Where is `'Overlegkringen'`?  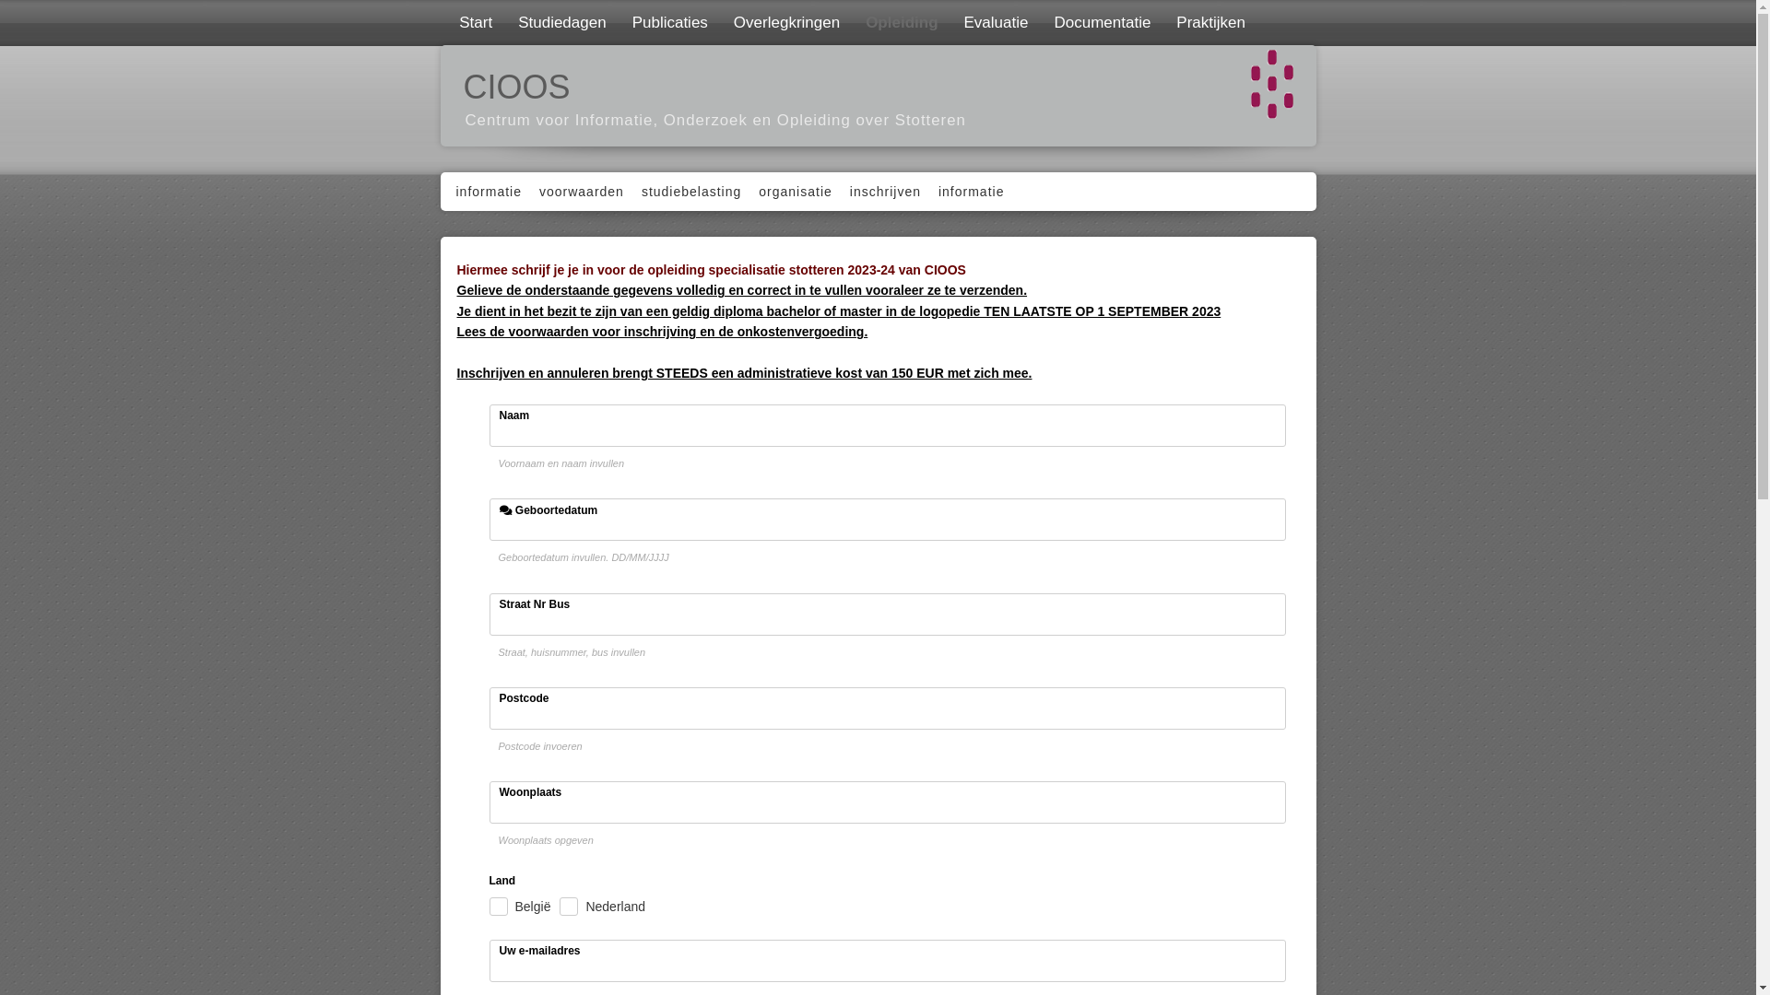 'Overlegkringen' is located at coordinates (785, 22).